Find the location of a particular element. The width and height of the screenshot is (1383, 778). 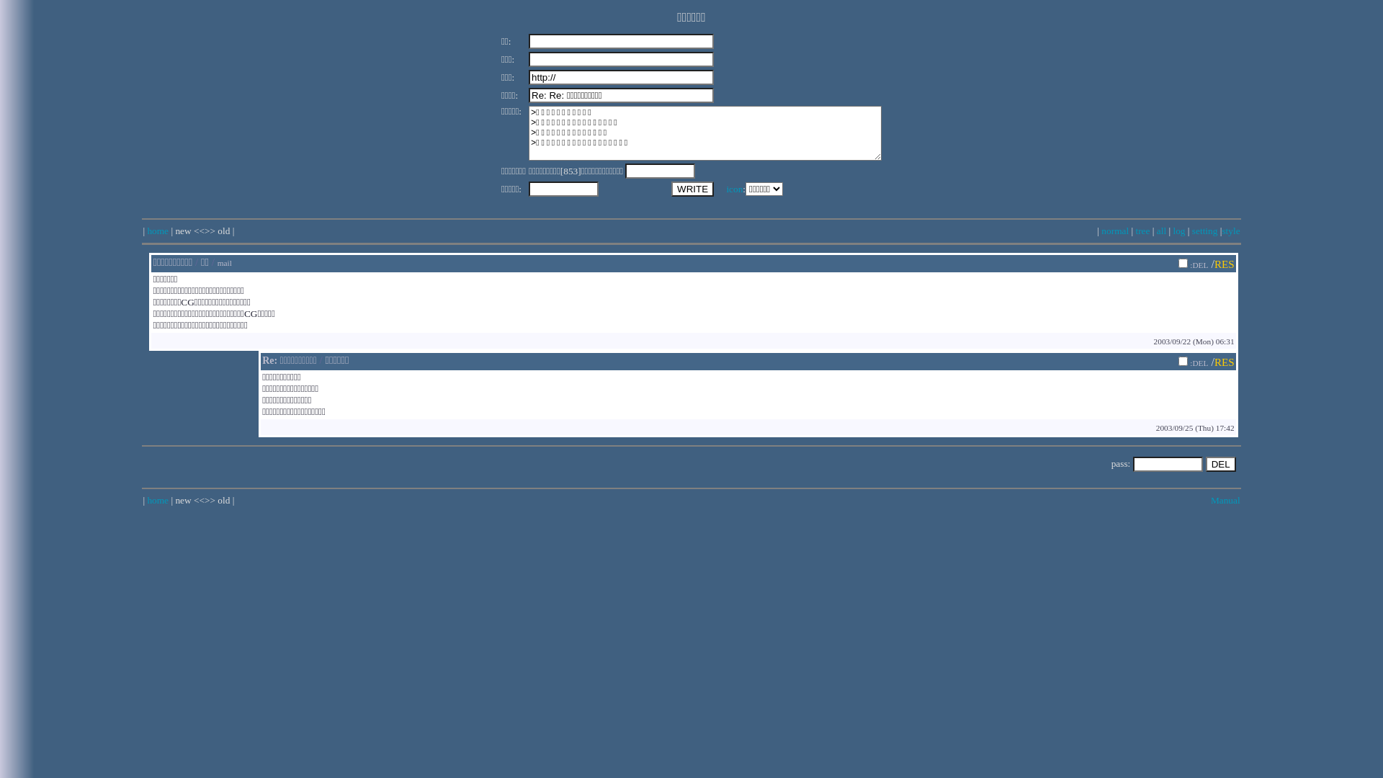

'normal' is located at coordinates (1114, 230).